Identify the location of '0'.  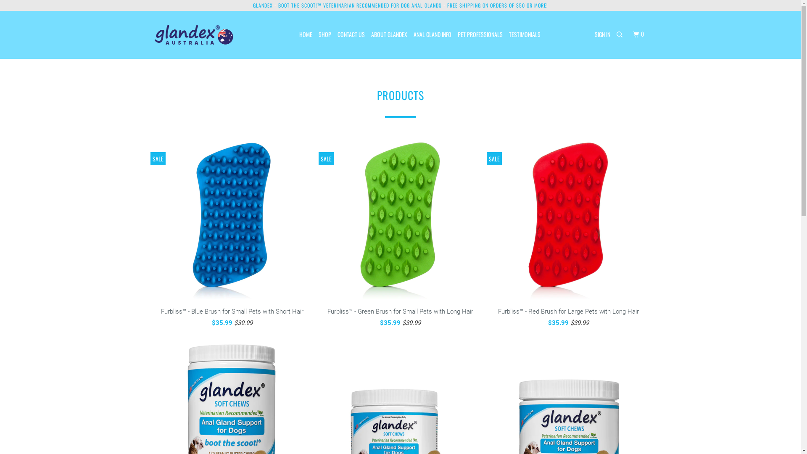
(639, 34).